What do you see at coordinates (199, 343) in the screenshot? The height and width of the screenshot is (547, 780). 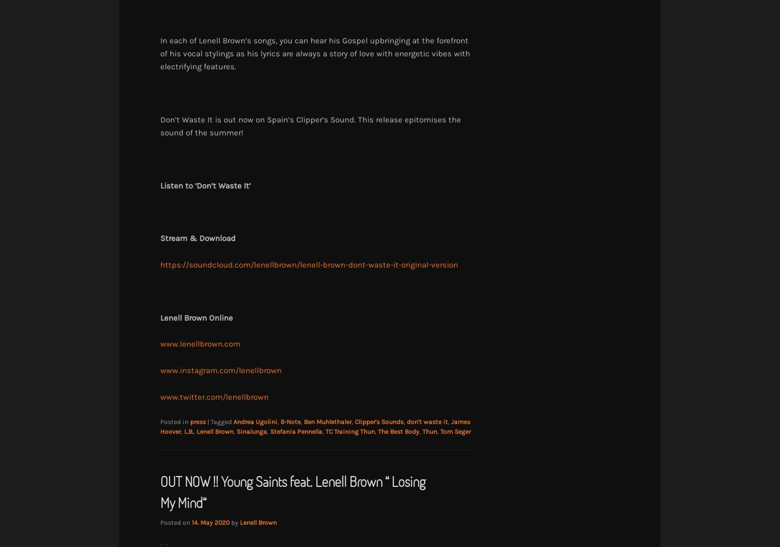 I see `'www.lenellbrown.com'` at bounding box center [199, 343].